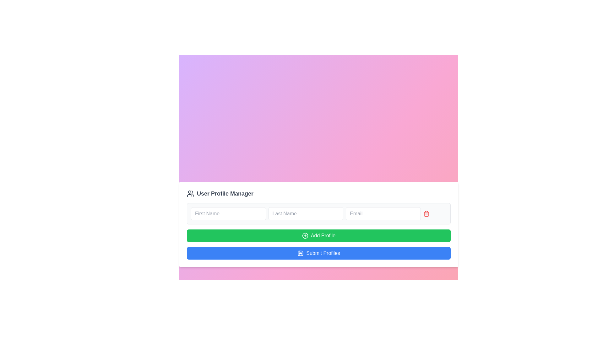 The image size is (603, 339). Describe the element at coordinates (228, 213) in the screenshot. I see `the first input field for the user's first name to focus on it for profile registration or editing` at that location.